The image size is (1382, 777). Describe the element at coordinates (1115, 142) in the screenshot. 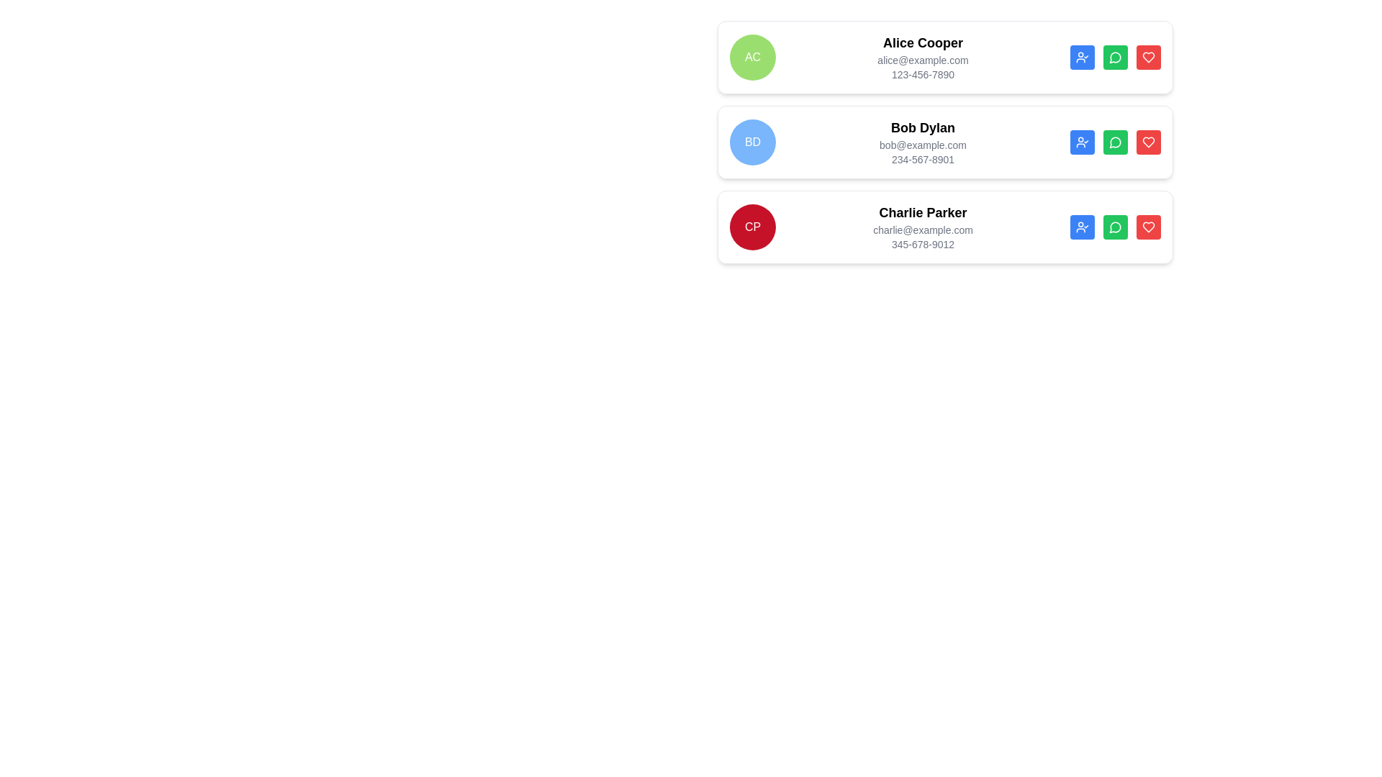

I see `the green button with a white circular message icon located in the second row of user entries, between a blue button on the left and a red button on the right` at that location.